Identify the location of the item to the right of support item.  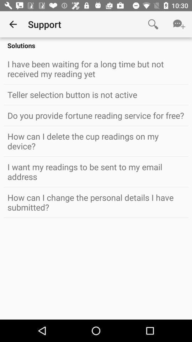
(153, 24).